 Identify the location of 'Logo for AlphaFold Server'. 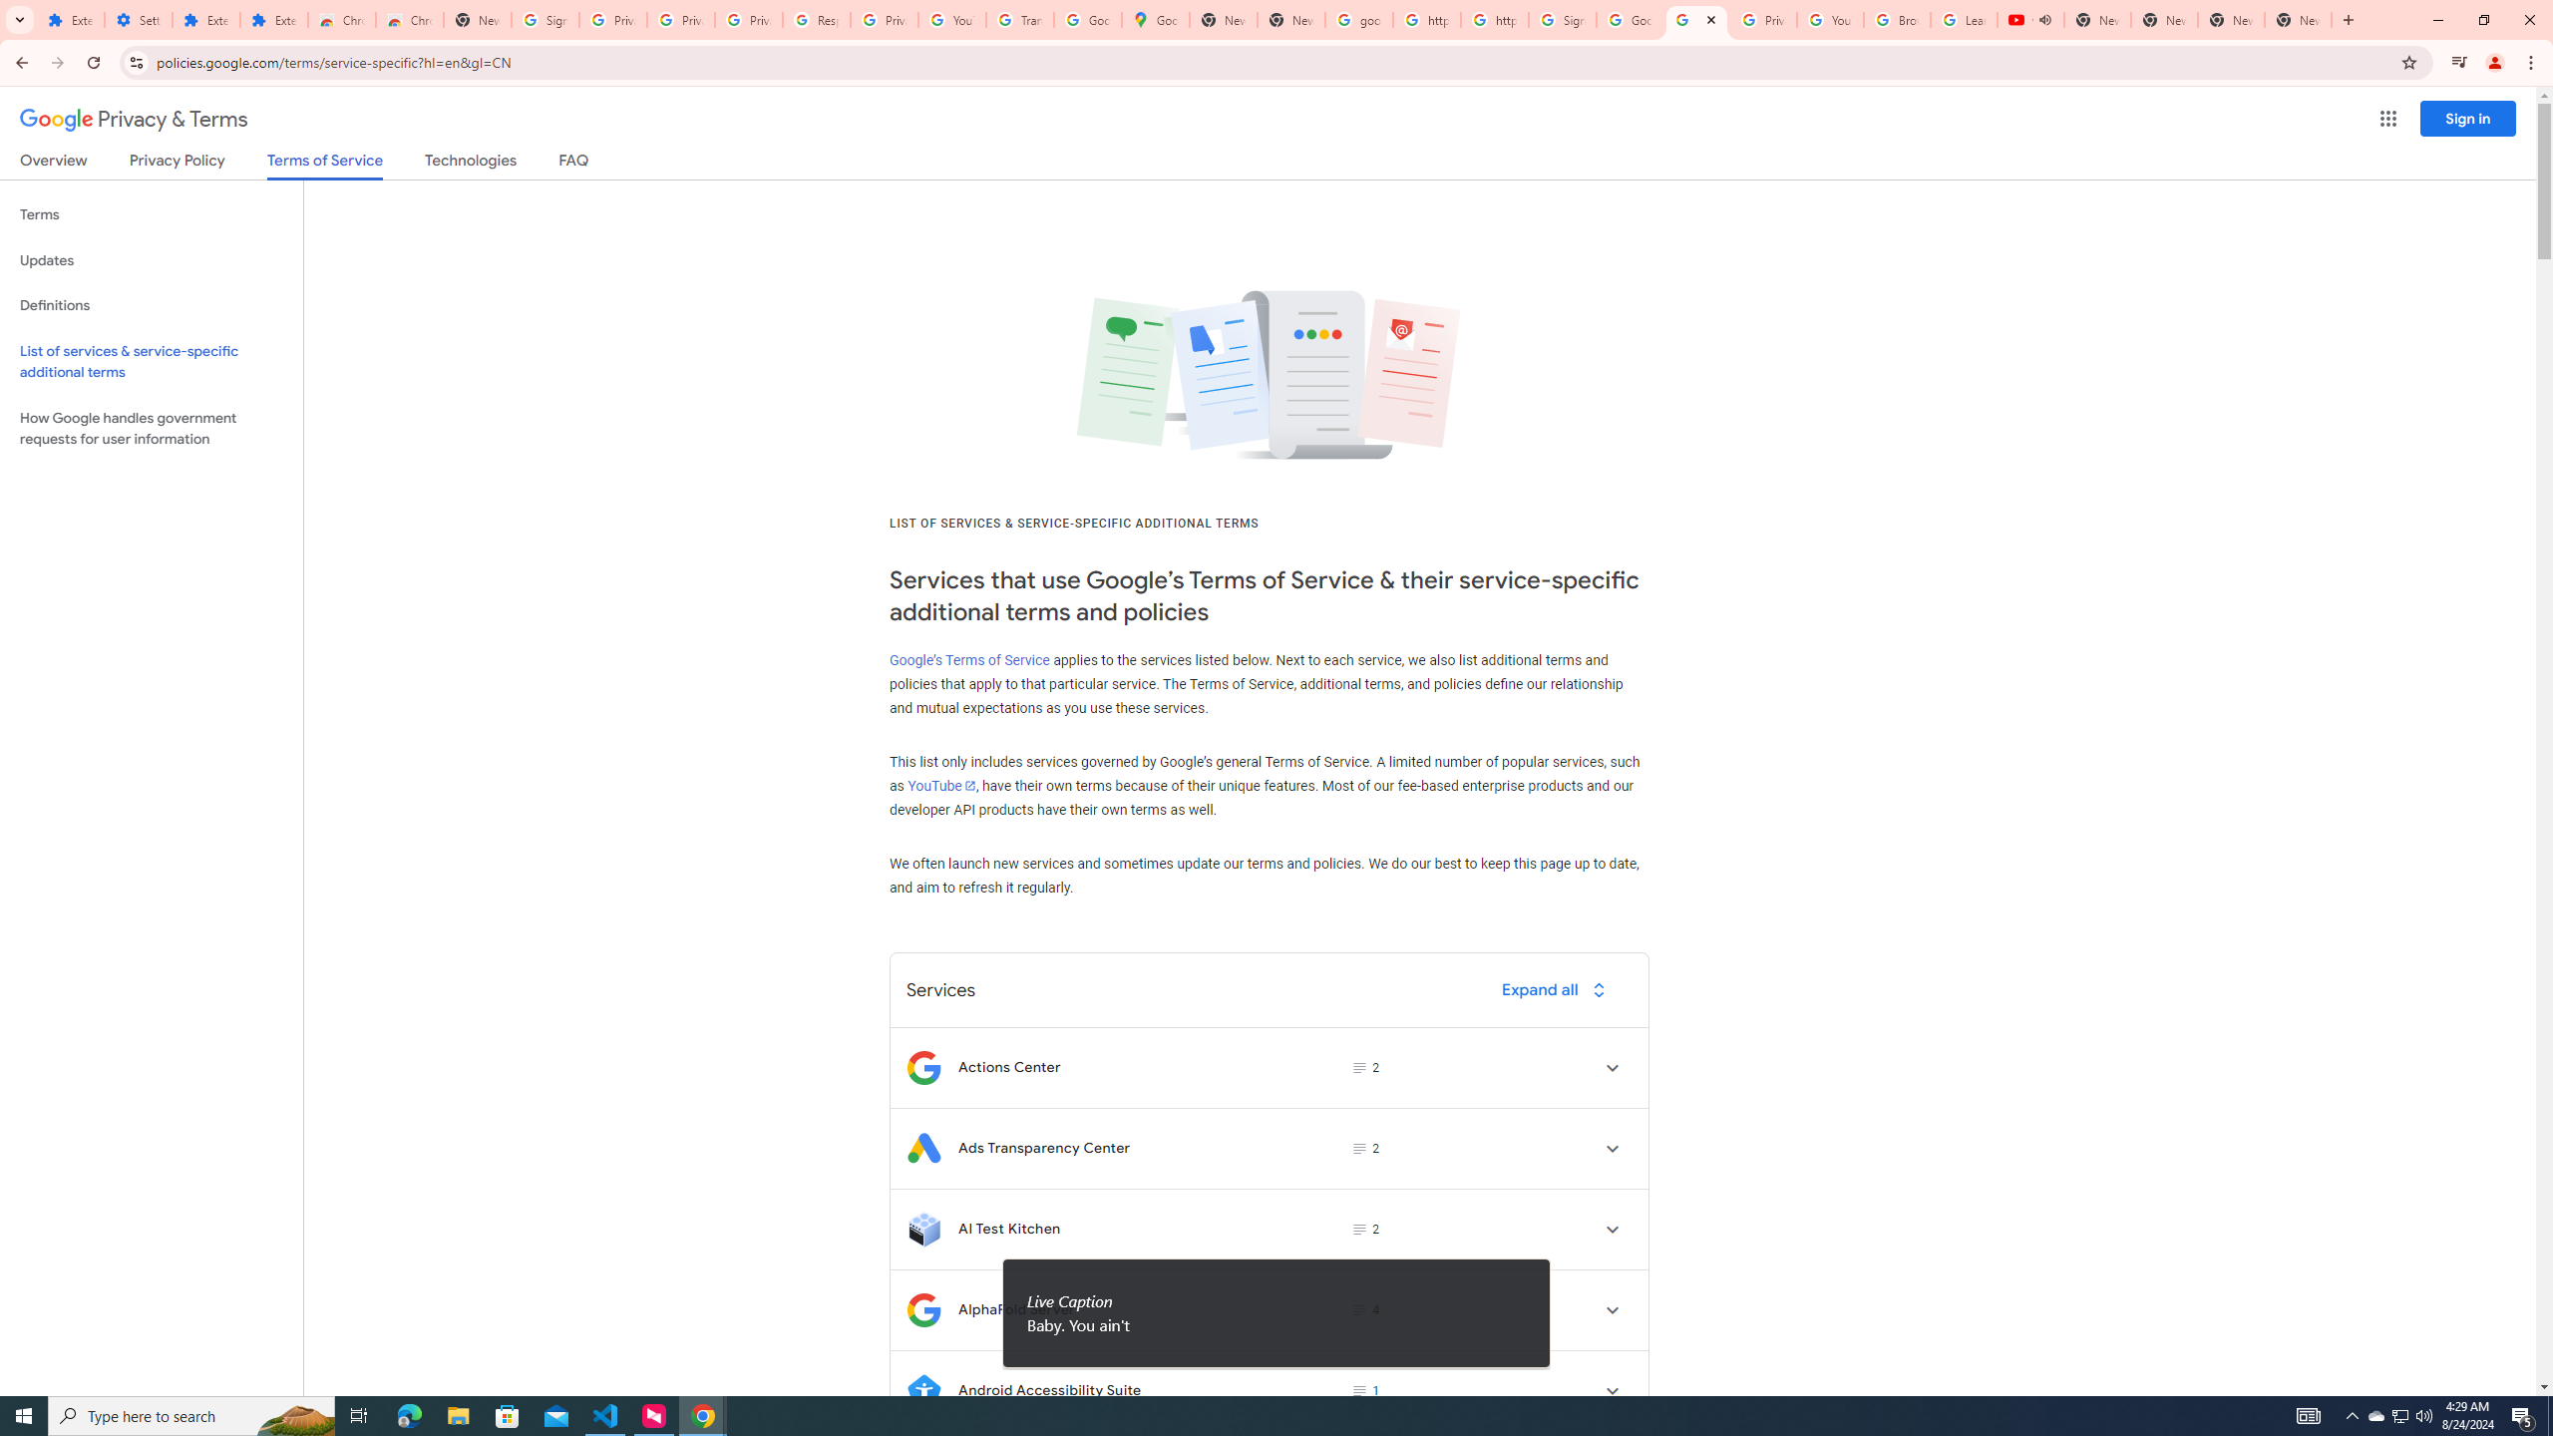
(922, 1309).